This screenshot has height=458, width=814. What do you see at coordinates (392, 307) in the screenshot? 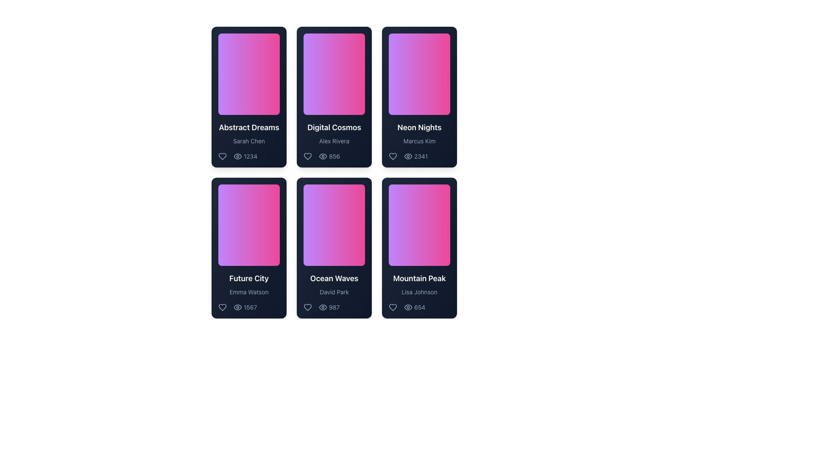
I see `the 'like' button` at bounding box center [392, 307].